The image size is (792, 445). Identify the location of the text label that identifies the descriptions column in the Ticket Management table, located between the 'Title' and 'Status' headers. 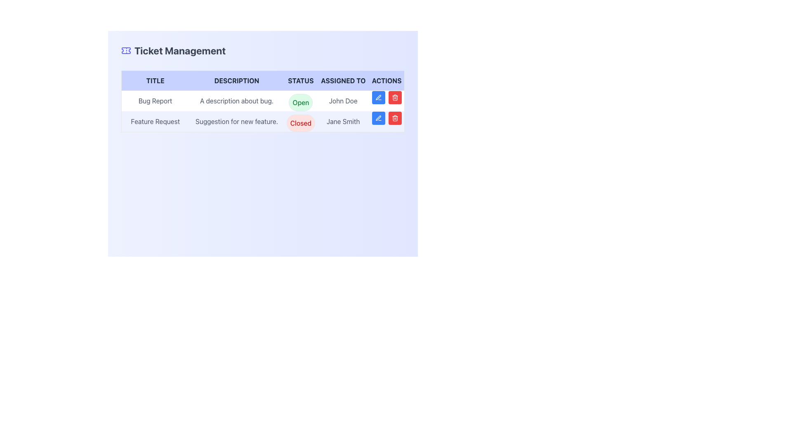
(236, 80).